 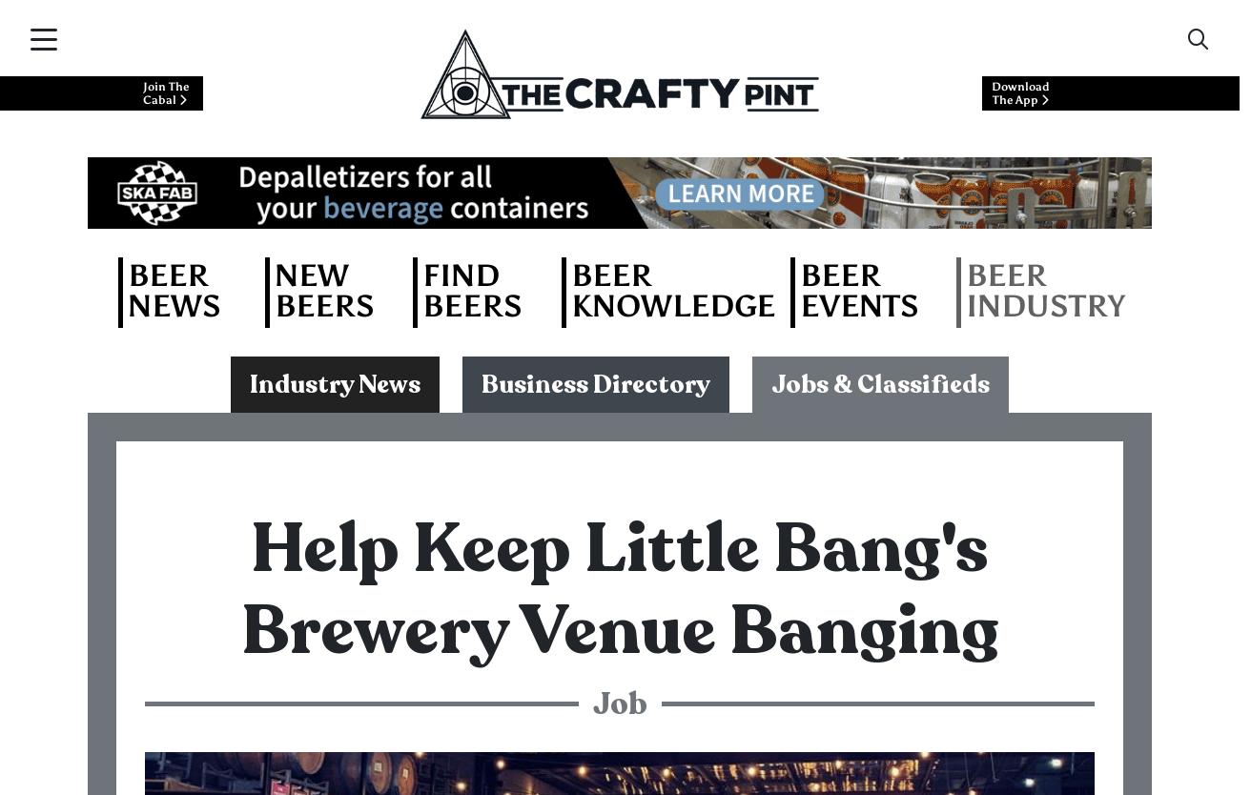 I want to click on 'We serve our own and other craft beers from Australia and around the world, along with local wines. We see our tap room as a place for broadening the beer experience but also as a welcoming and relaxed social space.', so click(x=615, y=455).